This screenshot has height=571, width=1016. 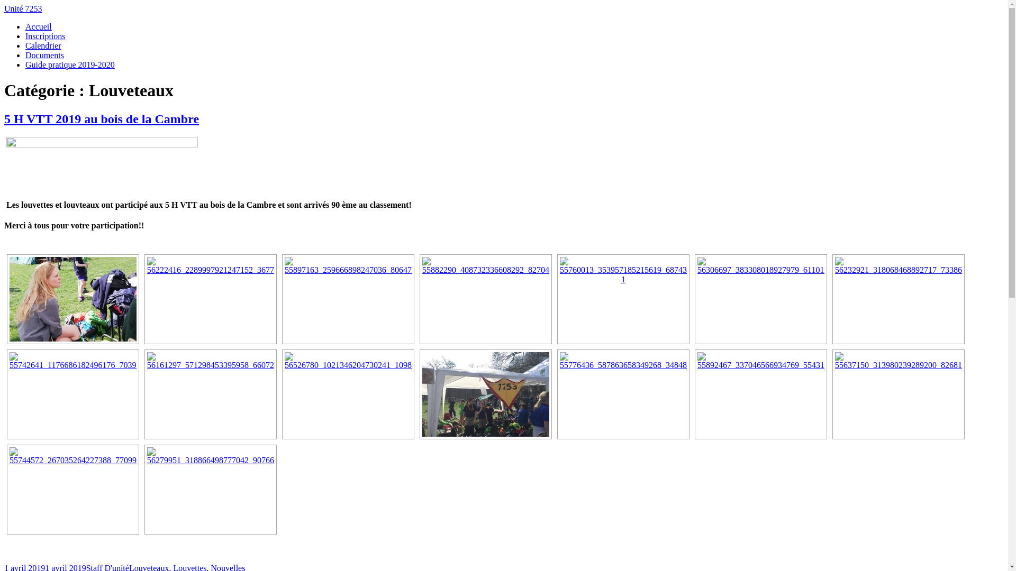 I want to click on '55882290_408732336608292_827043223254859776_n', so click(x=485, y=299).